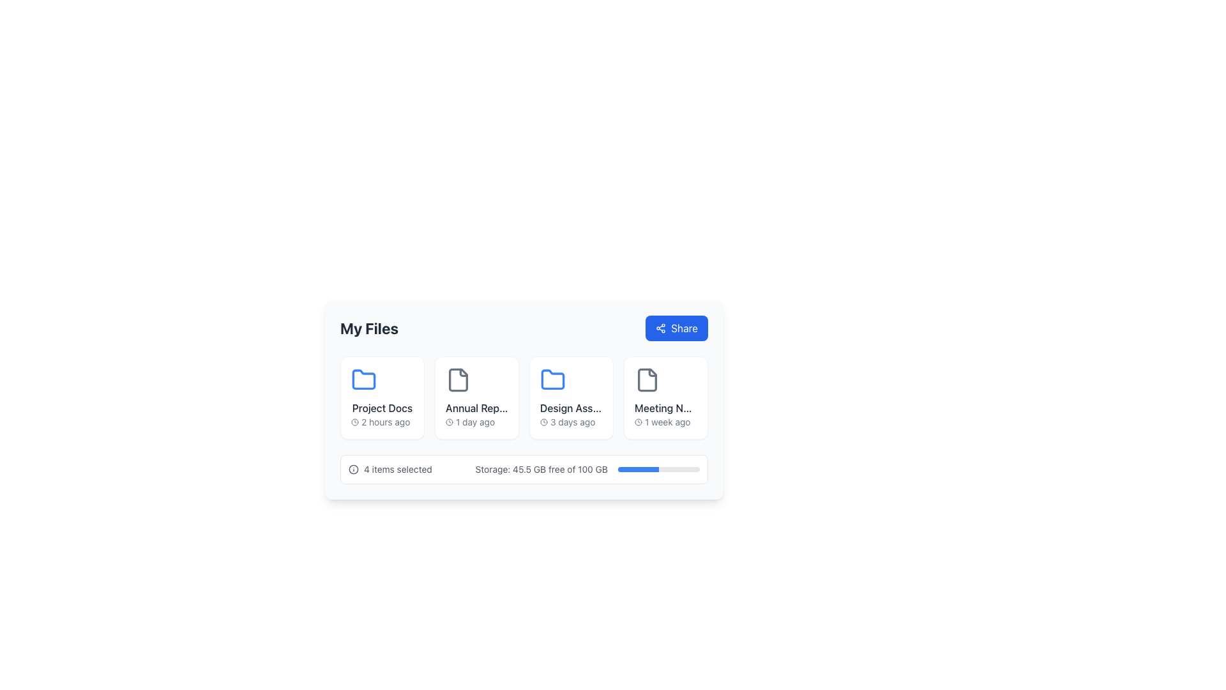 This screenshot has height=690, width=1226. I want to click on the Decorative icon or informational symbol located to the left of the '4 items selected' text in the 'My Files' section, so click(353, 470).